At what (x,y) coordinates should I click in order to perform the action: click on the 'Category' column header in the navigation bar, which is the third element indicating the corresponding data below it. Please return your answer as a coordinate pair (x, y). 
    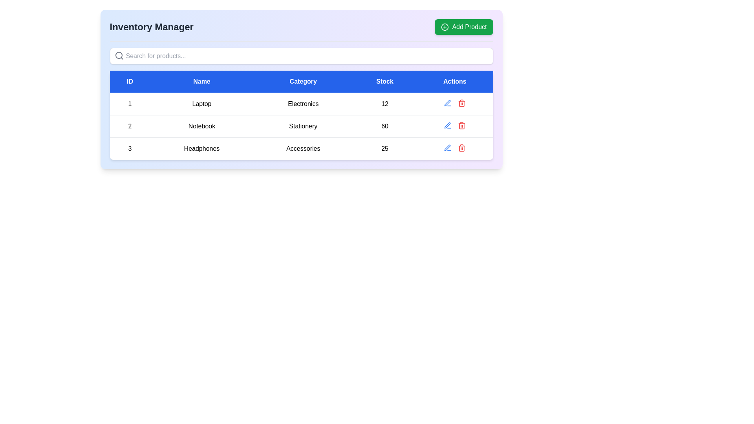
    Looking at the image, I should click on (303, 82).